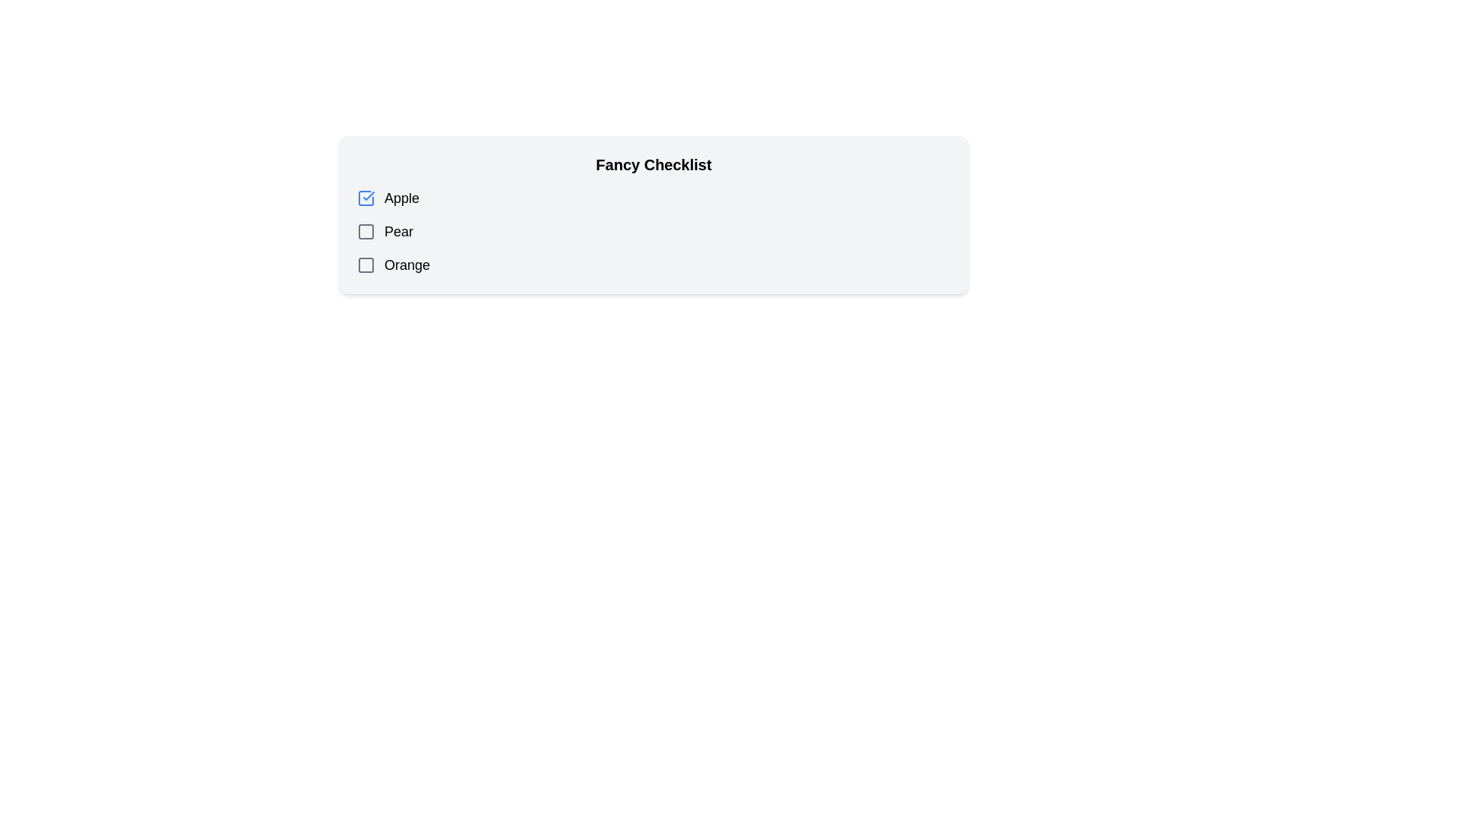  I want to click on the second checkbox in the checklist for 'Pear', so click(366, 231).